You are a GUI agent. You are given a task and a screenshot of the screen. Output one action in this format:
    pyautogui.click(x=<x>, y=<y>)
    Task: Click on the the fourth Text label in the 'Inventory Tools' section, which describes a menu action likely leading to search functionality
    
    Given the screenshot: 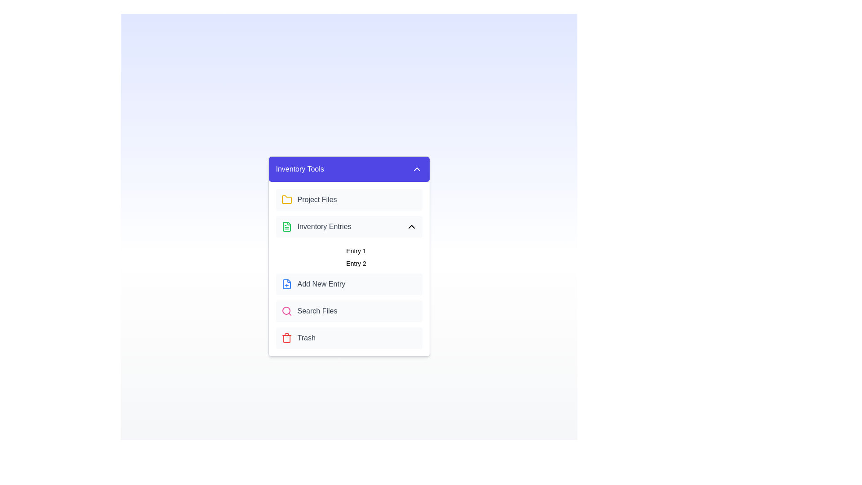 What is the action you would take?
    pyautogui.click(x=317, y=311)
    